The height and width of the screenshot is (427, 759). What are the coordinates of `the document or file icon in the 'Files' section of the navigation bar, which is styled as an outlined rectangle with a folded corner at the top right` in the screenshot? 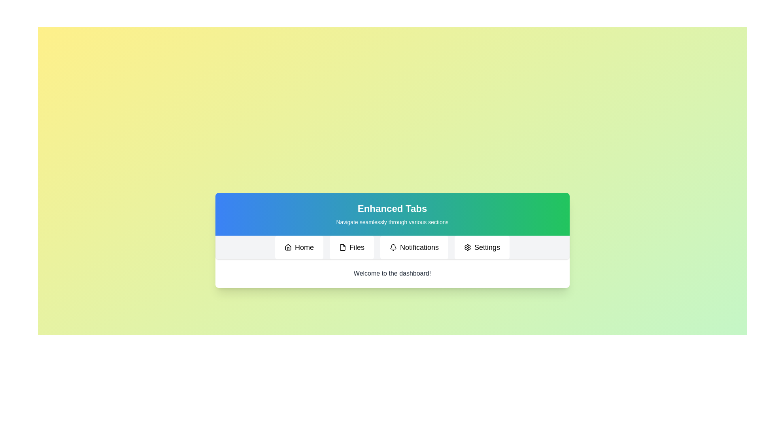 It's located at (342, 247).